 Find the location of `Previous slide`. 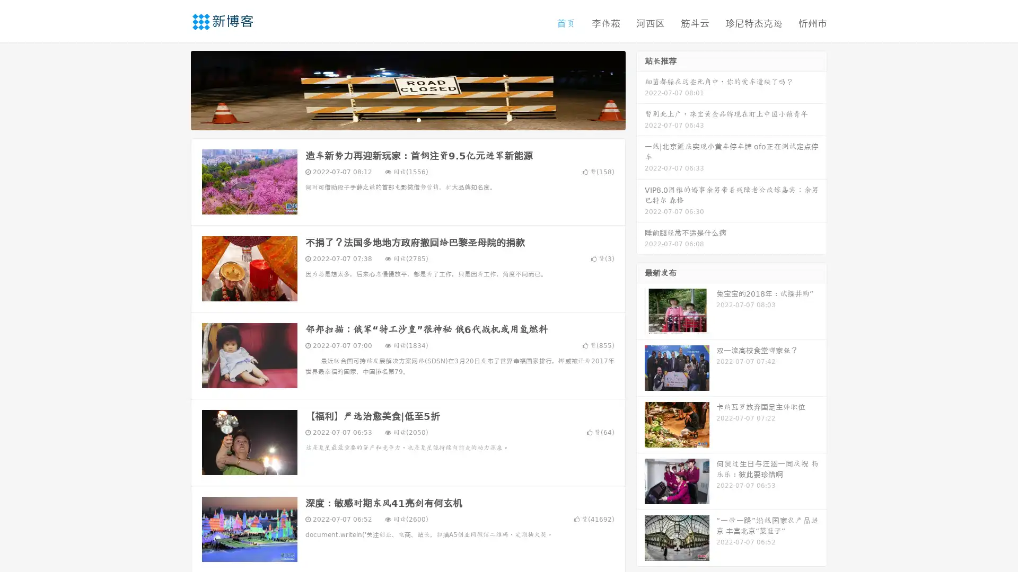

Previous slide is located at coordinates (175, 89).